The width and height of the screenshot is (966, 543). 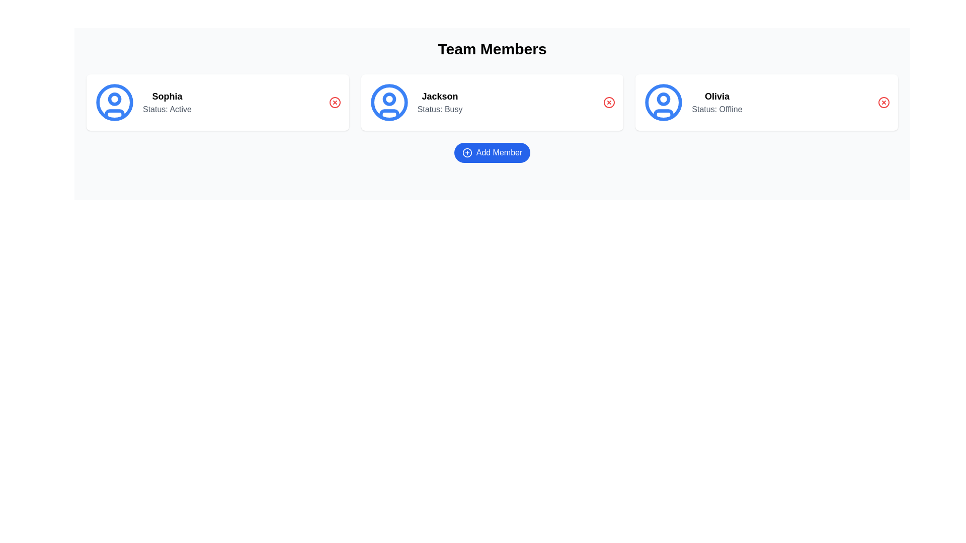 I want to click on the SVG icon representing Olivia's user profile, which is located at the far right of the row under the 'Team Members' heading on her card, so click(x=664, y=103).